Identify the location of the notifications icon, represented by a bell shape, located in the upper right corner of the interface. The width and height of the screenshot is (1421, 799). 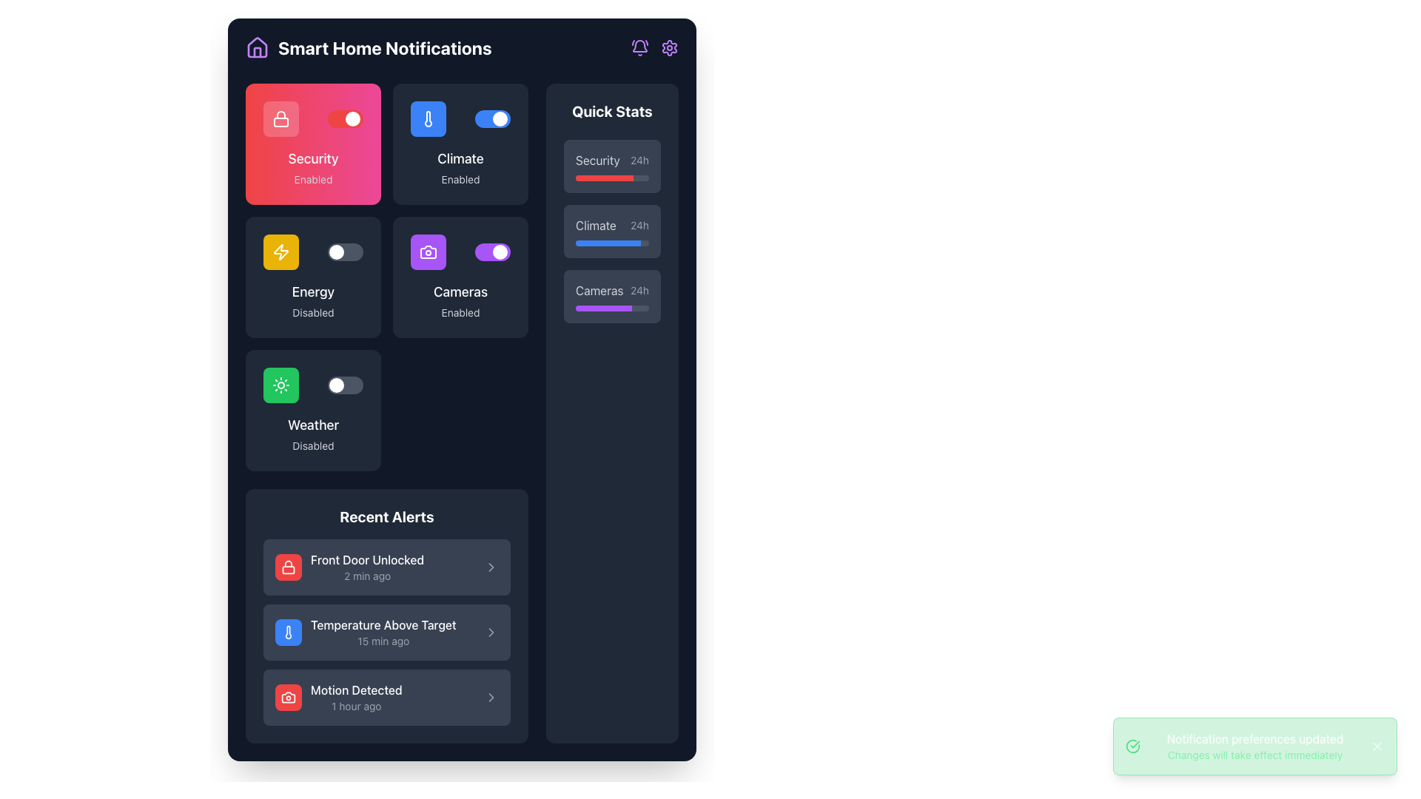
(639, 47).